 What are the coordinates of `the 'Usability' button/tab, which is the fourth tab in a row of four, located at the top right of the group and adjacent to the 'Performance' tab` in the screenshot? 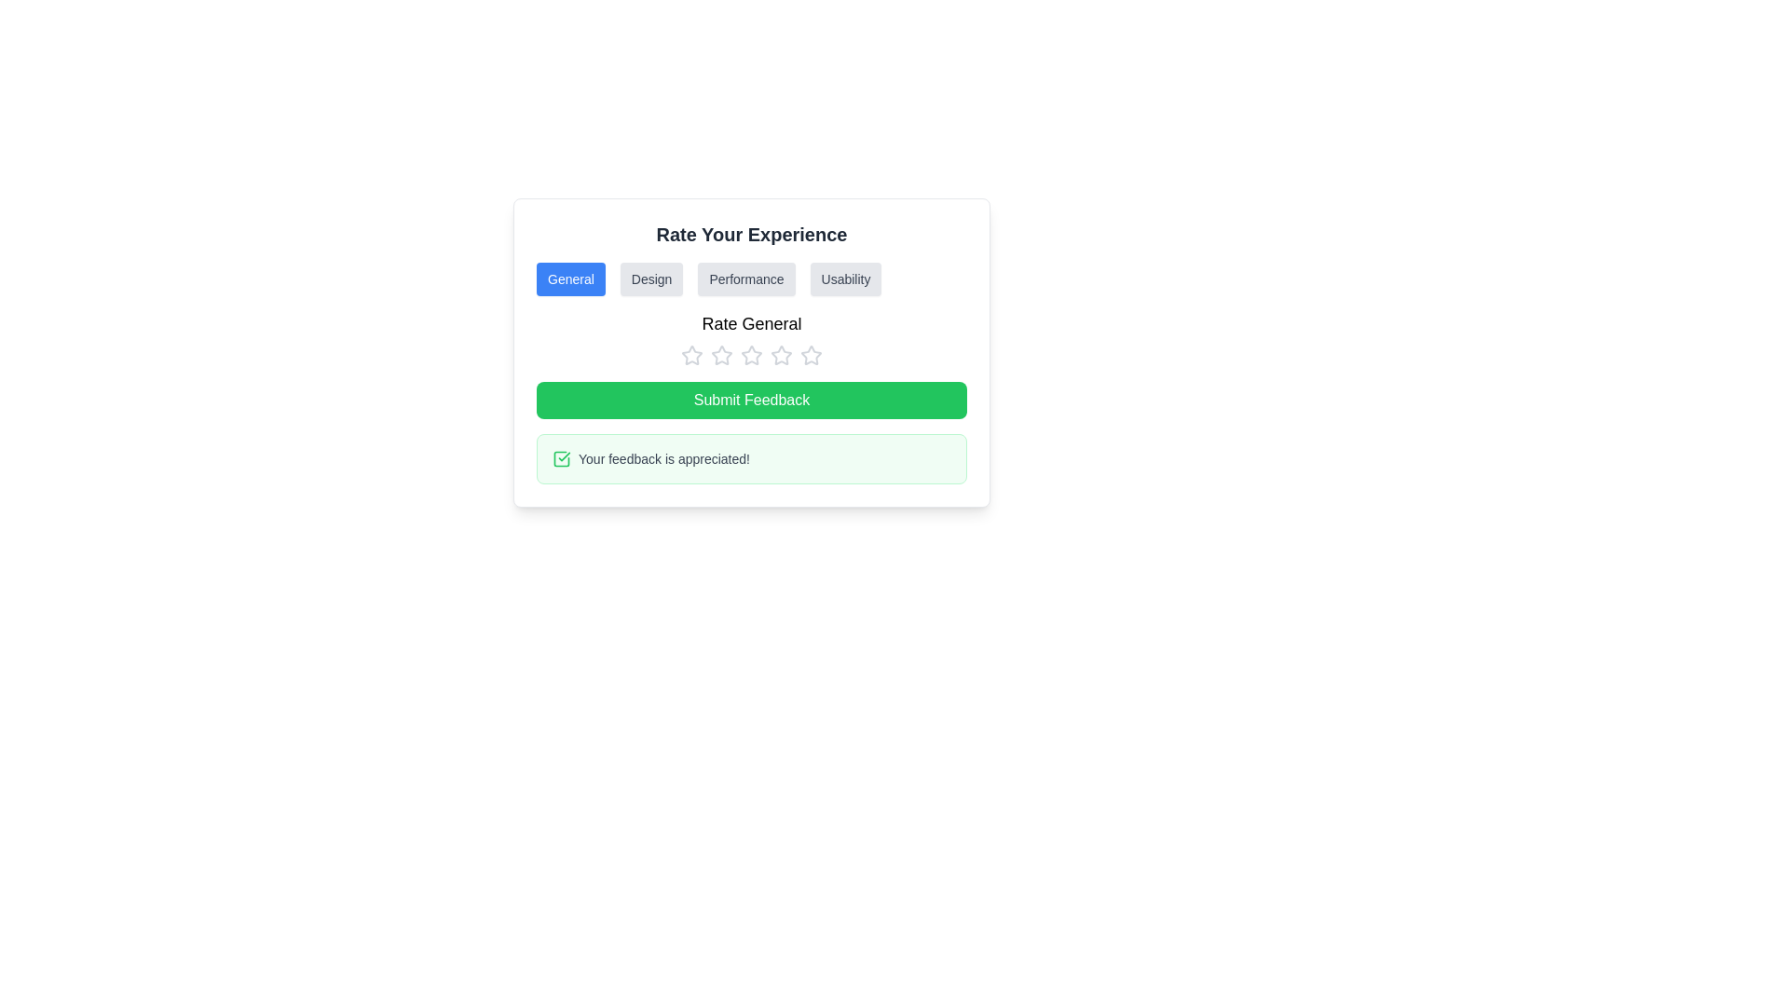 It's located at (844, 279).